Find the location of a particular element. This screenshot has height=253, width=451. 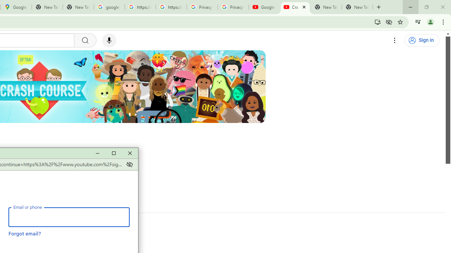

'Install YouTube' is located at coordinates (377, 21).